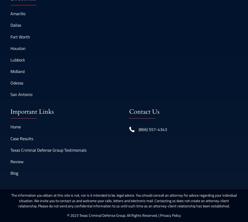 This screenshot has height=222, width=248. I want to click on 'Odessa', so click(10, 83).